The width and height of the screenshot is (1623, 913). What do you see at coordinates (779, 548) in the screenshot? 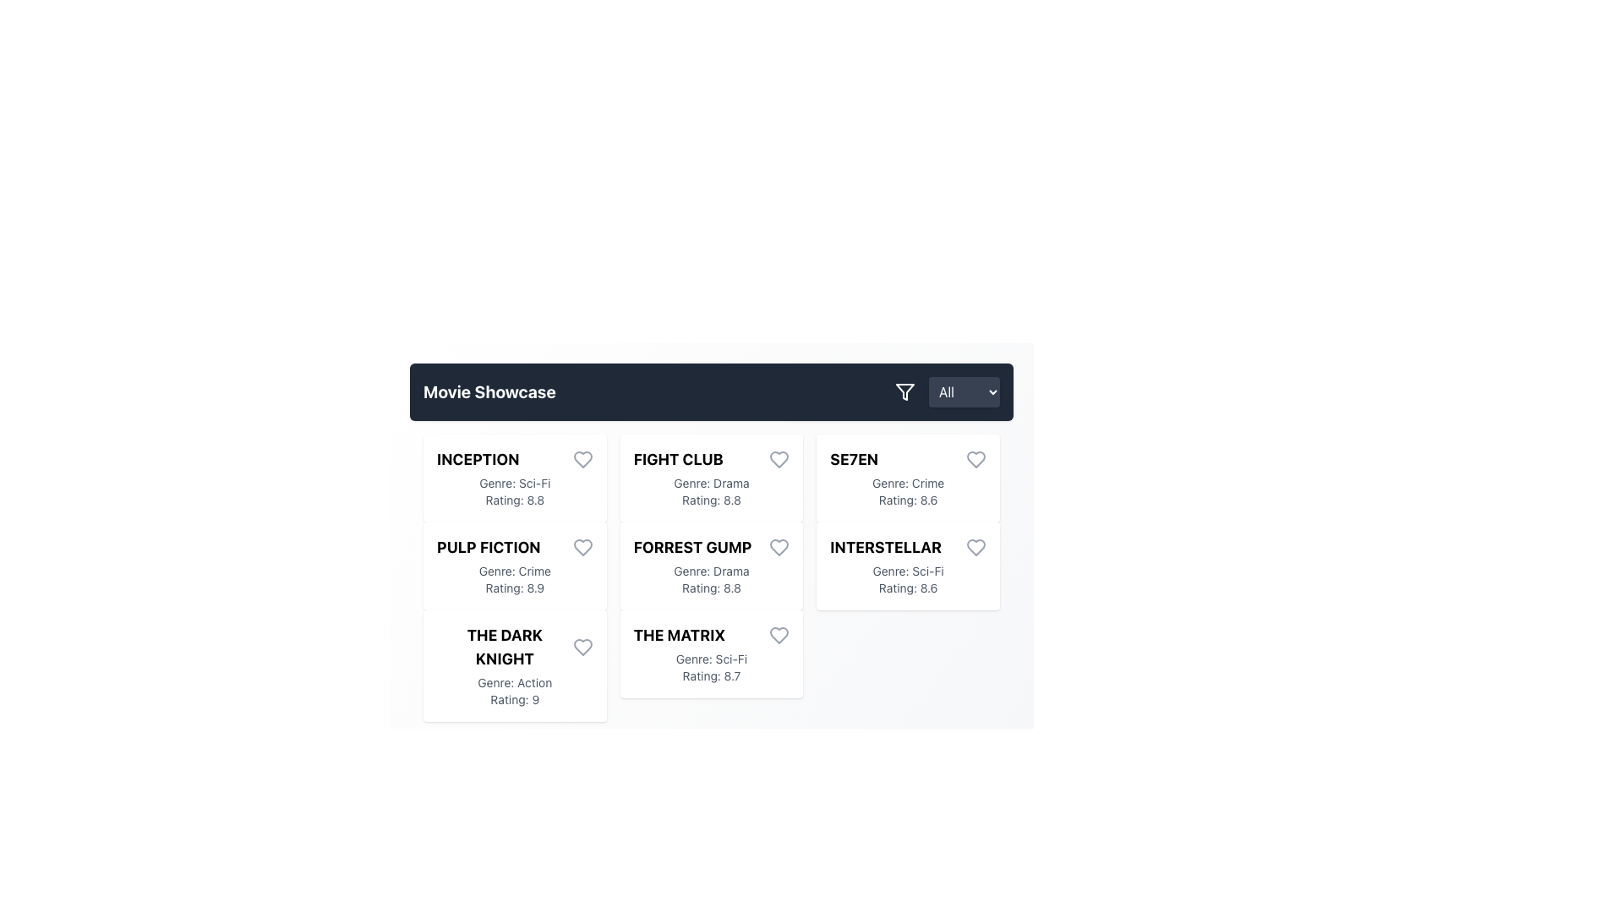
I see `the Heart/Like/Favorite Marker icon located in the top-right corner of the movie card for 'Forrest Gump'` at bounding box center [779, 548].